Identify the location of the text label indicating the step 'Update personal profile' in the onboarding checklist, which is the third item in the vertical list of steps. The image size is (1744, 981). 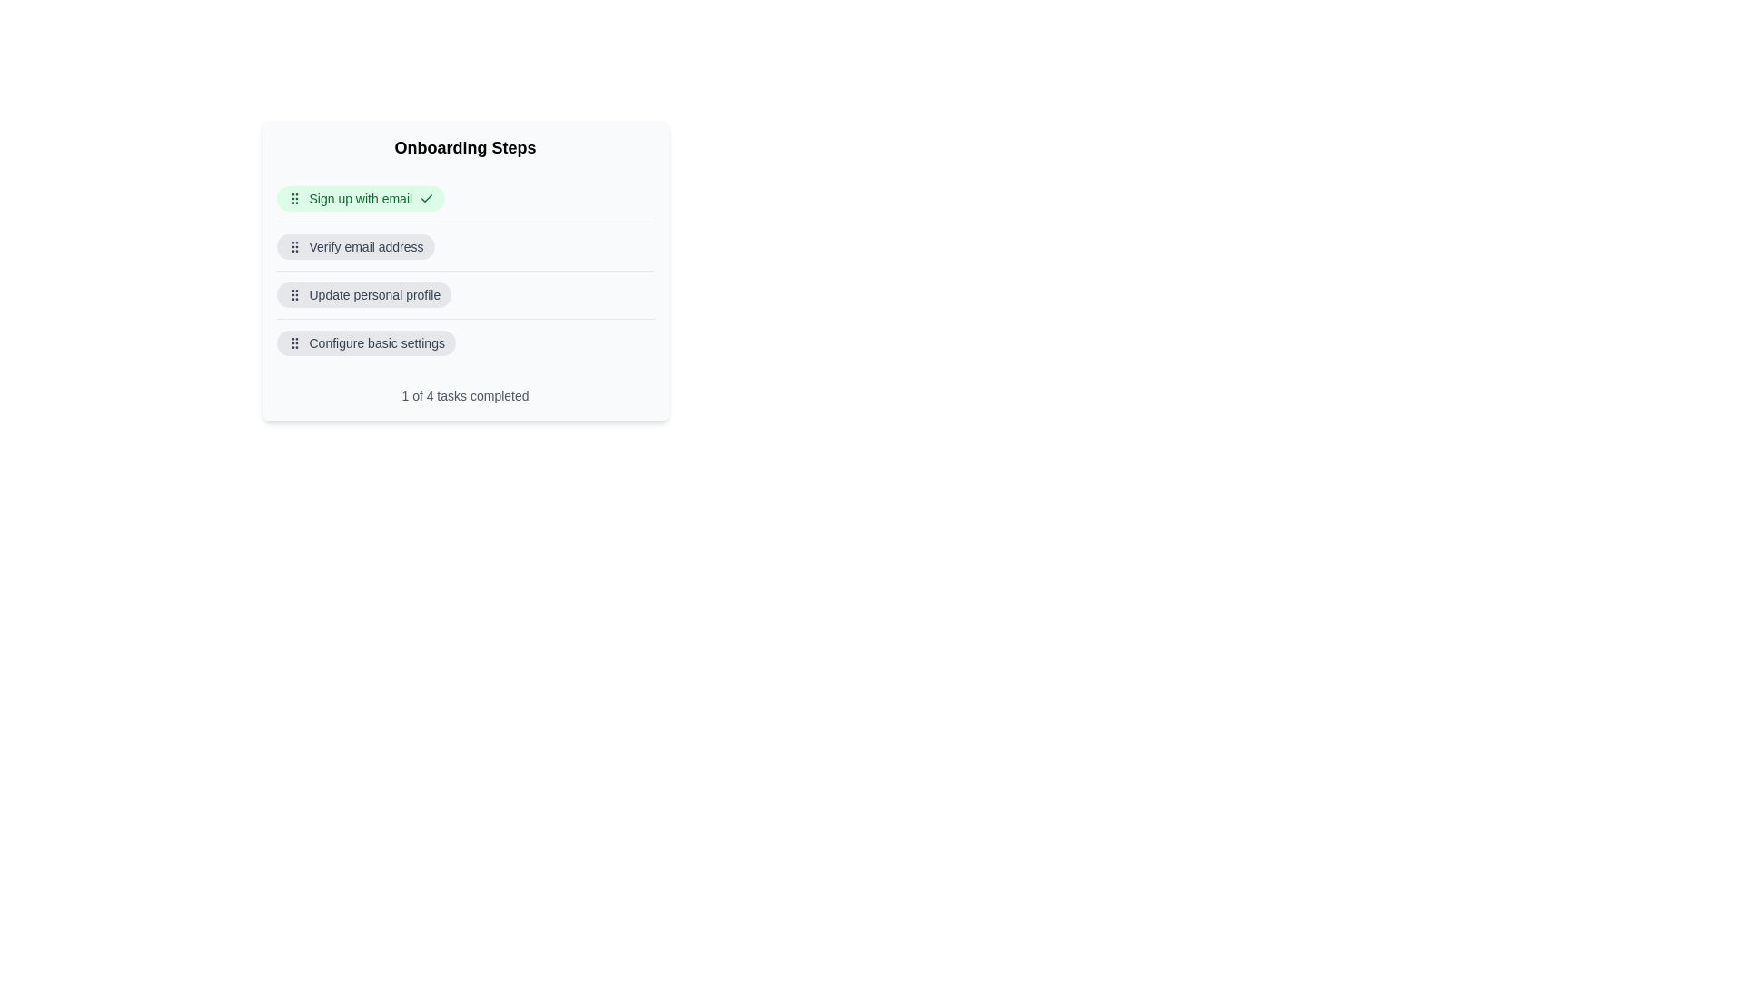
(373, 293).